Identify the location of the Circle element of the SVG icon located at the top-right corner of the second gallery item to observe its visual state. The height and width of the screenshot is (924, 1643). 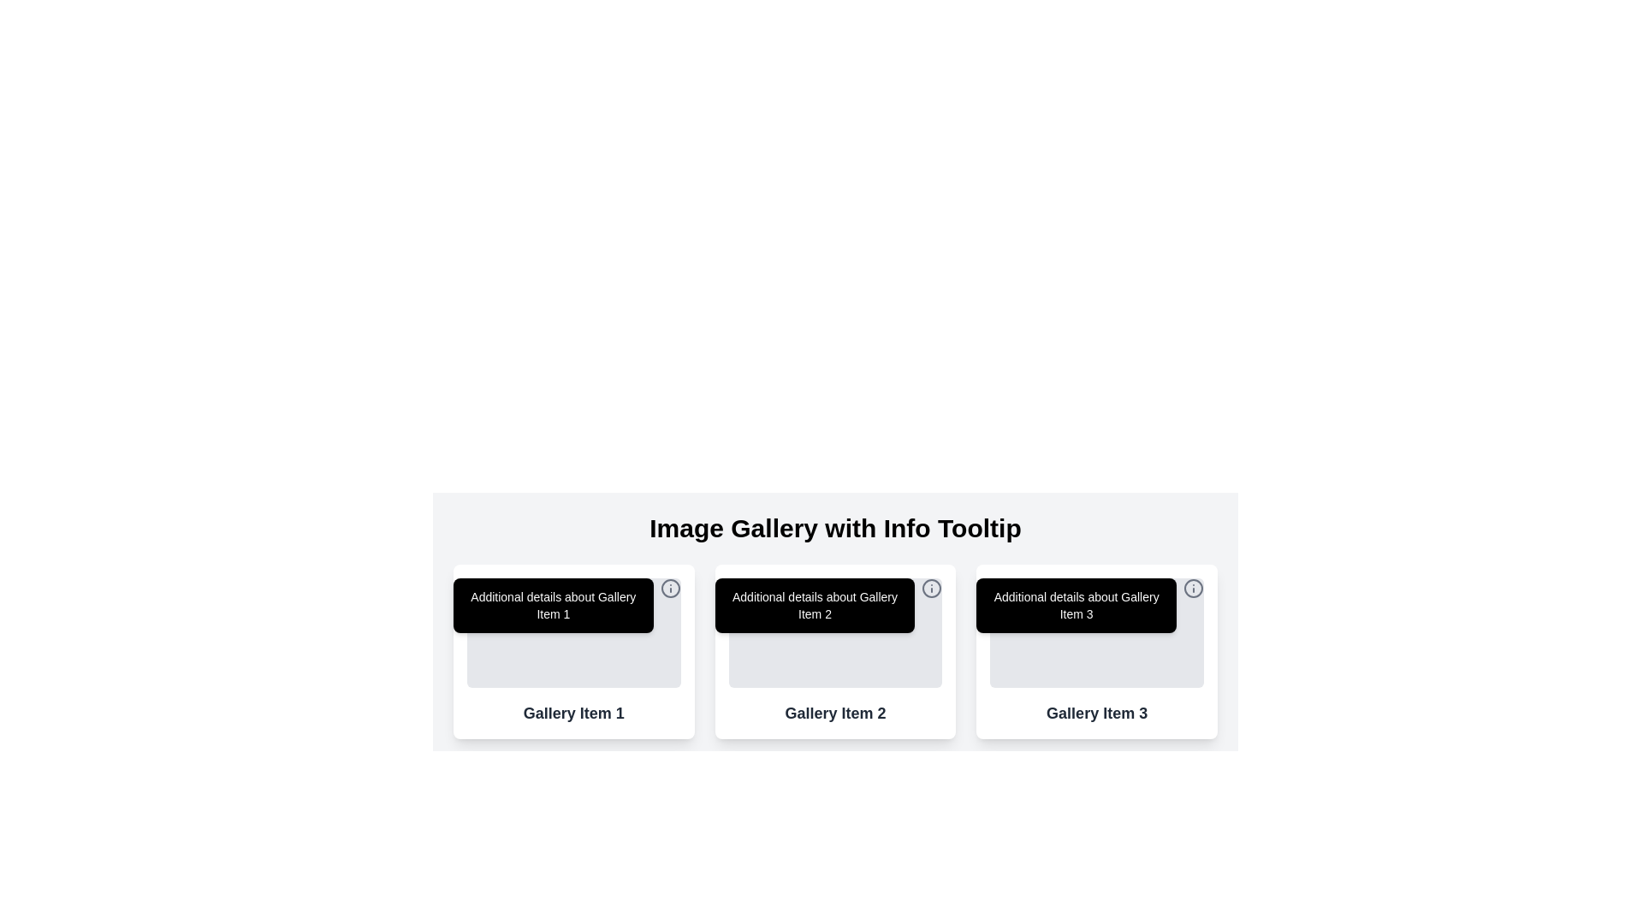
(931, 587).